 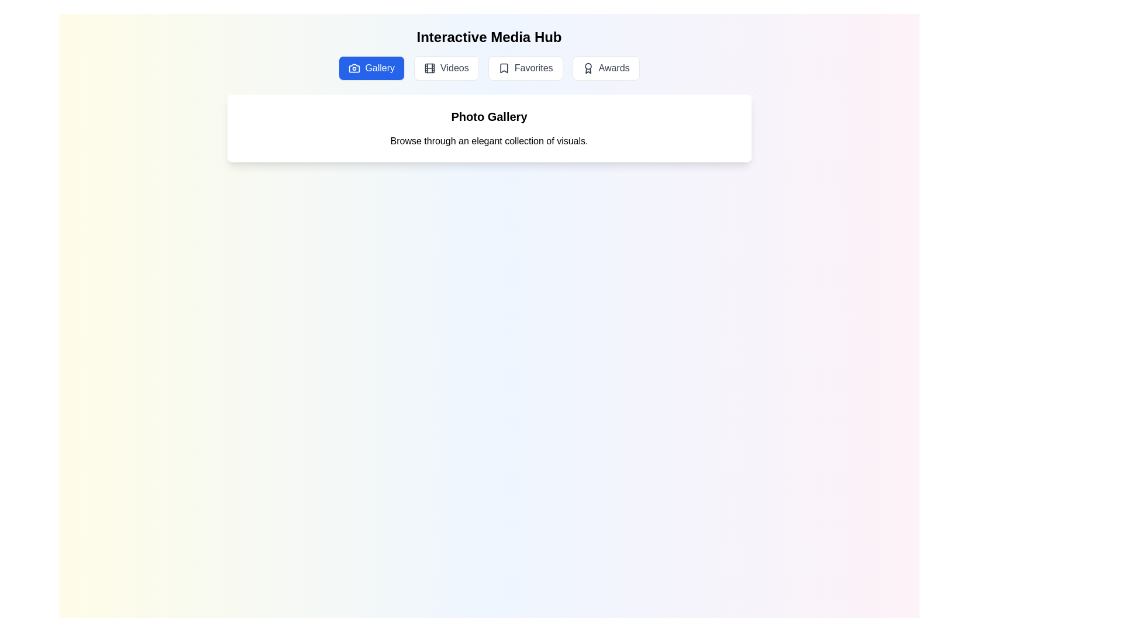 I want to click on the gallery icon located to the left of the 'Gallery' text in the button group at the top of the page, so click(x=354, y=68).